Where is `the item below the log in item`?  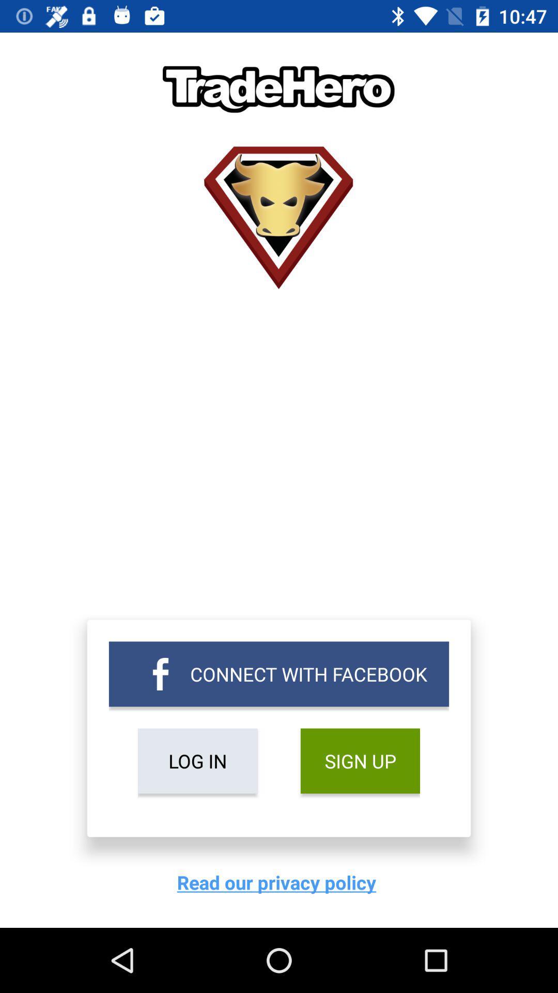
the item below the log in item is located at coordinates (279, 882).